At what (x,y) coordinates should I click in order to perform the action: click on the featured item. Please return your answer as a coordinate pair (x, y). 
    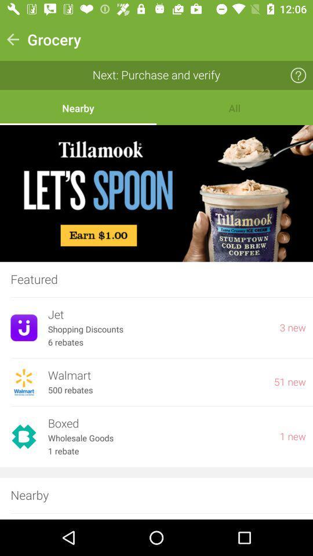
    Looking at the image, I should click on (156, 279).